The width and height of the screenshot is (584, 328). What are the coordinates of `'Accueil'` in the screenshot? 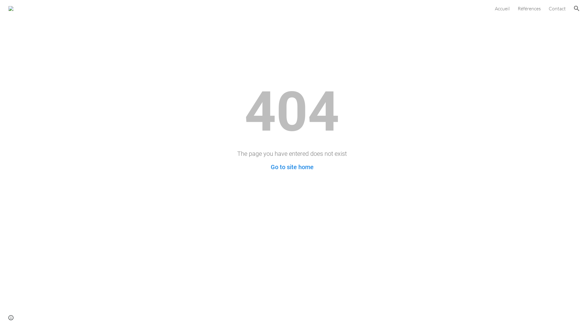 It's located at (502, 8).